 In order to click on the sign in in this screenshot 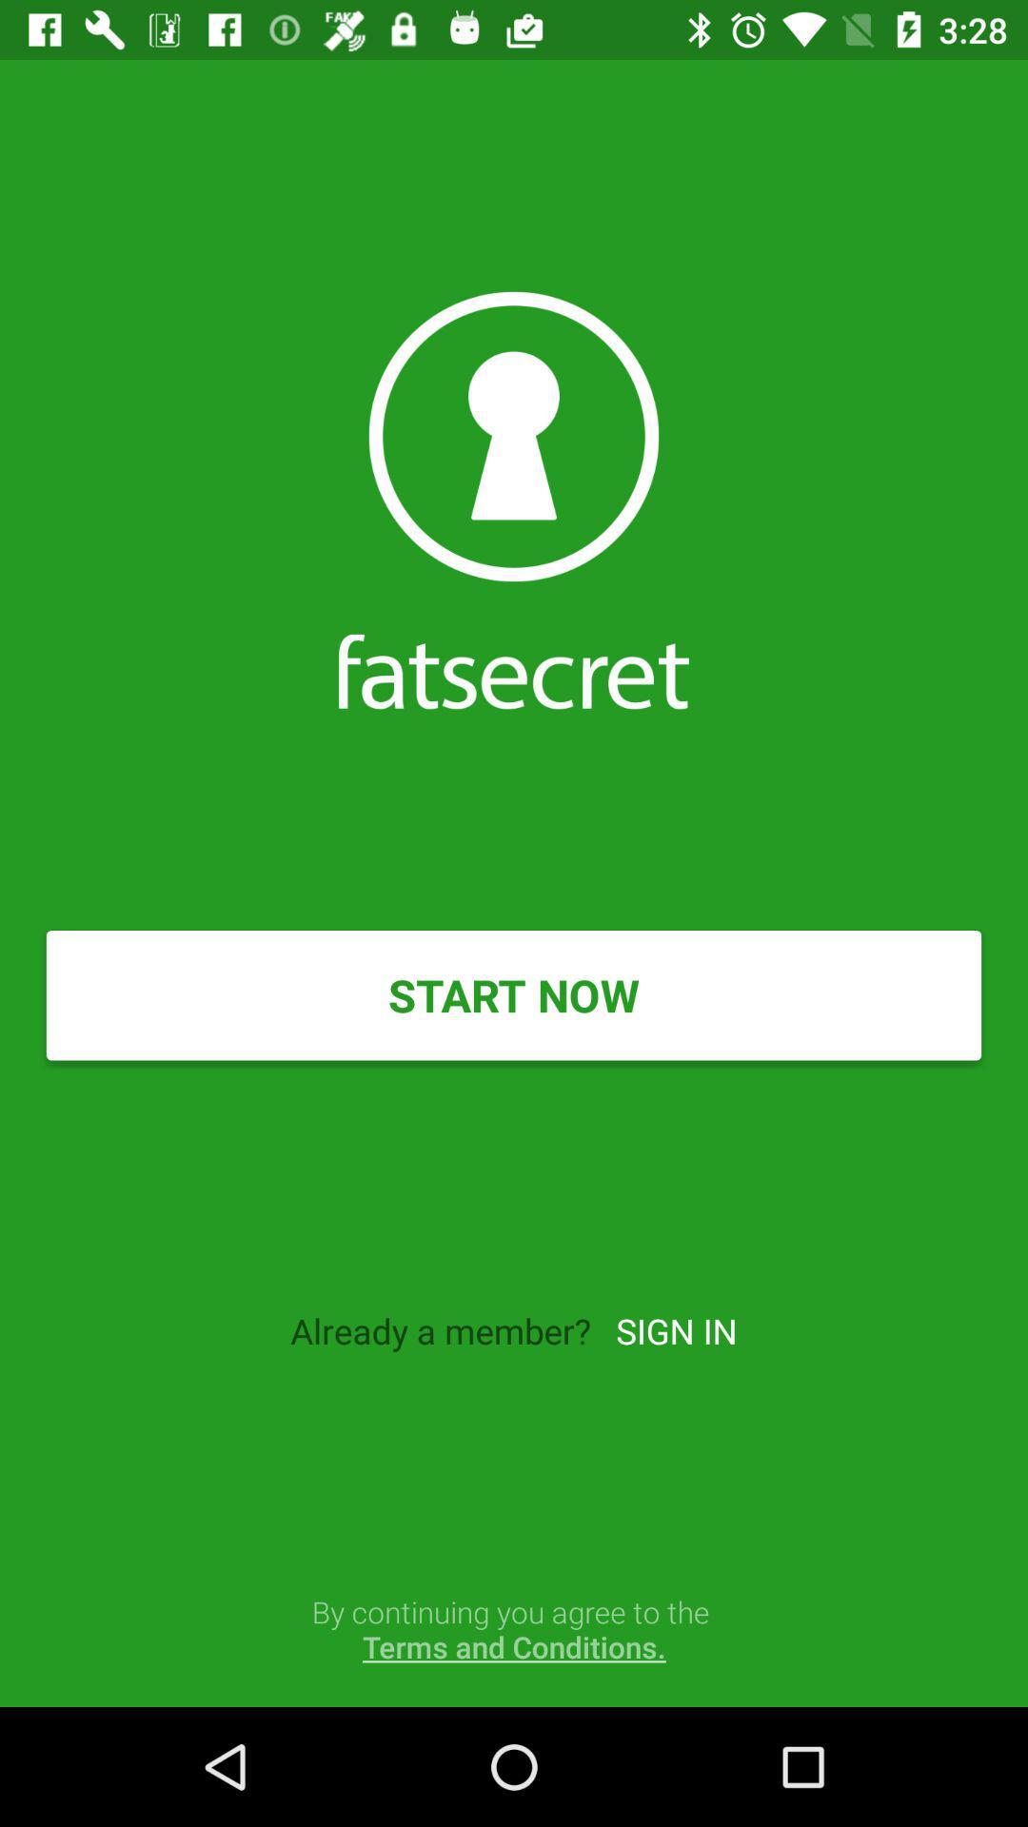, I will do `click(675, 1329)`.